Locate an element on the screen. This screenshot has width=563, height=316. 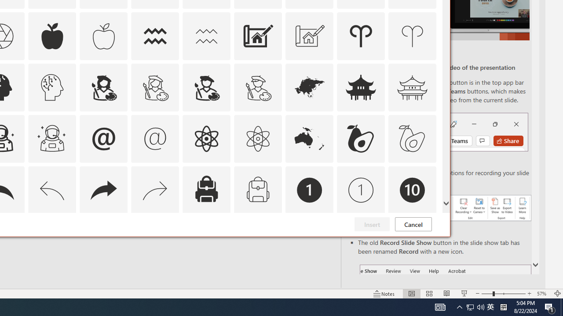
'AutomationID: Icons_Badge1' is located at coordinates (310, 189).